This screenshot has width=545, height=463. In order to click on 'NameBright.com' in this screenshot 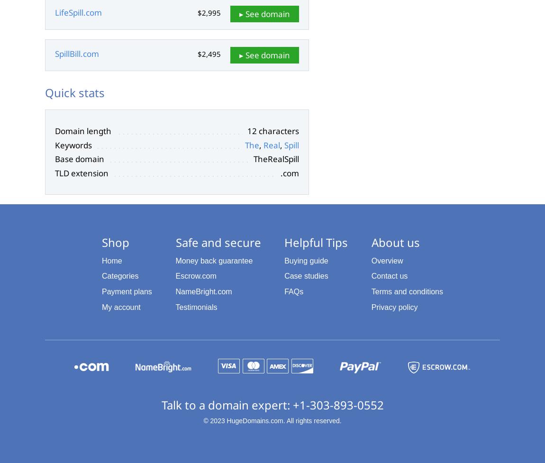, I will do `click(203, 291)`.